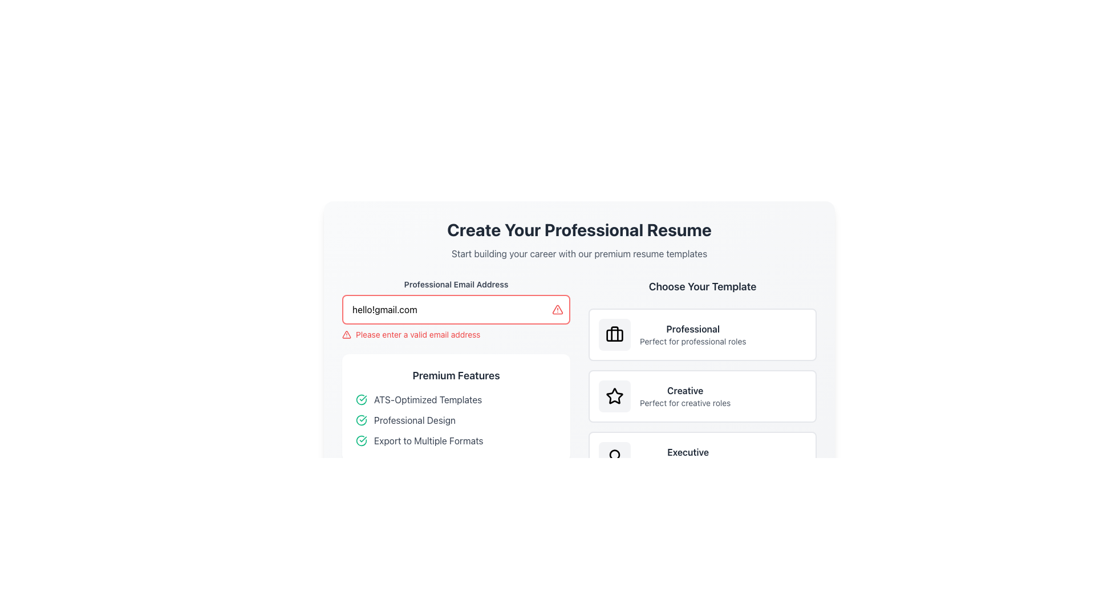 The width and height of the screenshot is (1095, 616). What do you see at coordinates (579, 253) in the screenshot?
I see `the descriptive text element that provides context related to premium resume templates, located beneath the heading 'Create Your Professional Resume'` at bounding box center [579, 253].